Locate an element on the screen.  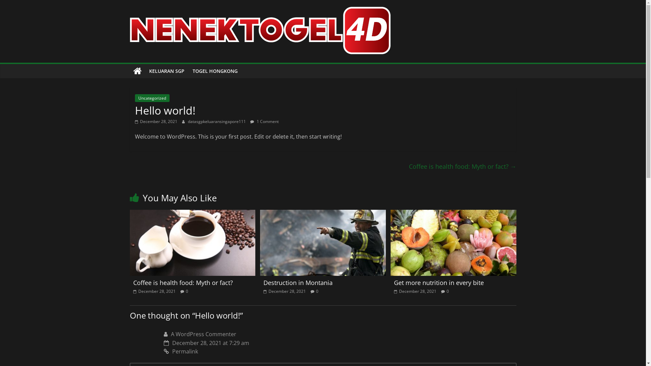
'December 28, 2021' is located at coordinates (284, 291).